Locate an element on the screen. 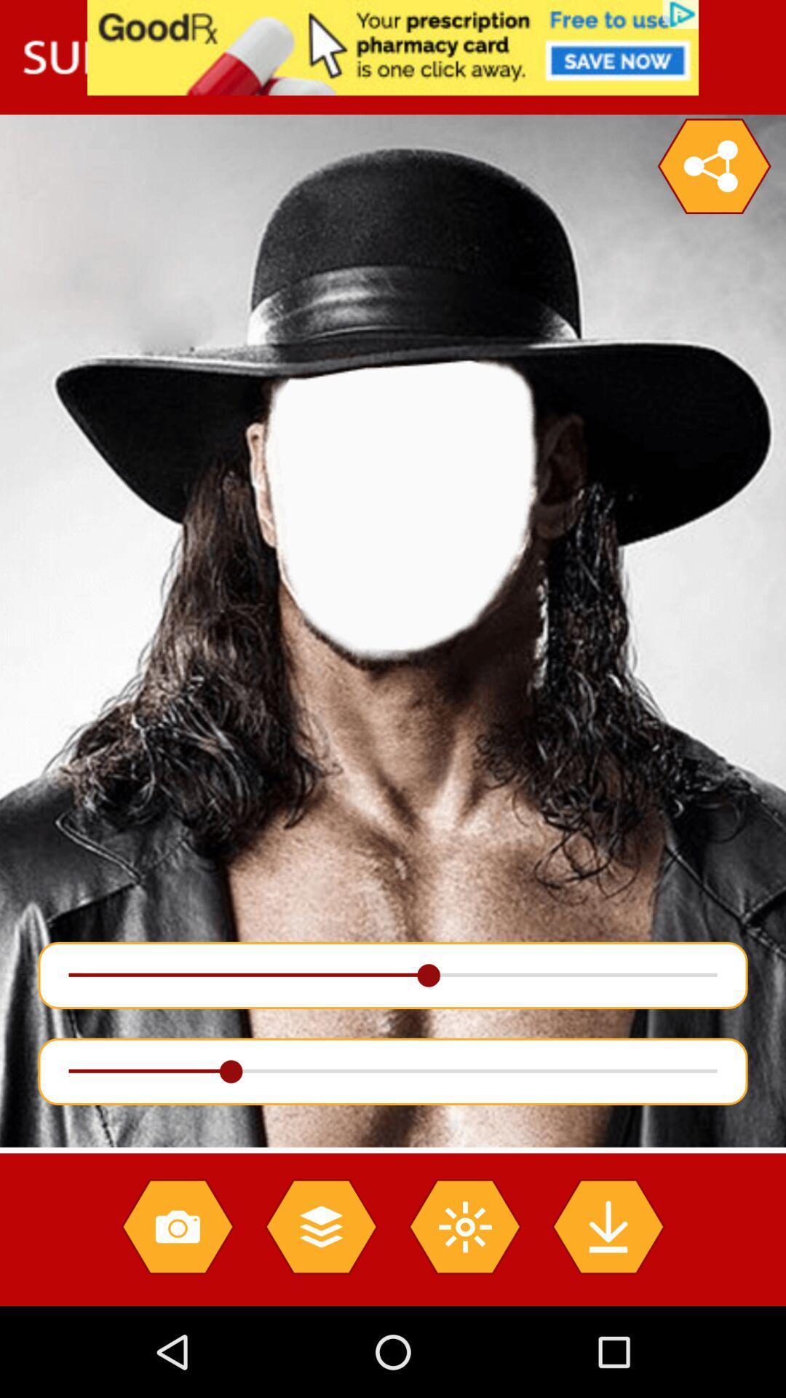 The image size is (786, 1398). camera icon is located at coordinates (177, 1225).